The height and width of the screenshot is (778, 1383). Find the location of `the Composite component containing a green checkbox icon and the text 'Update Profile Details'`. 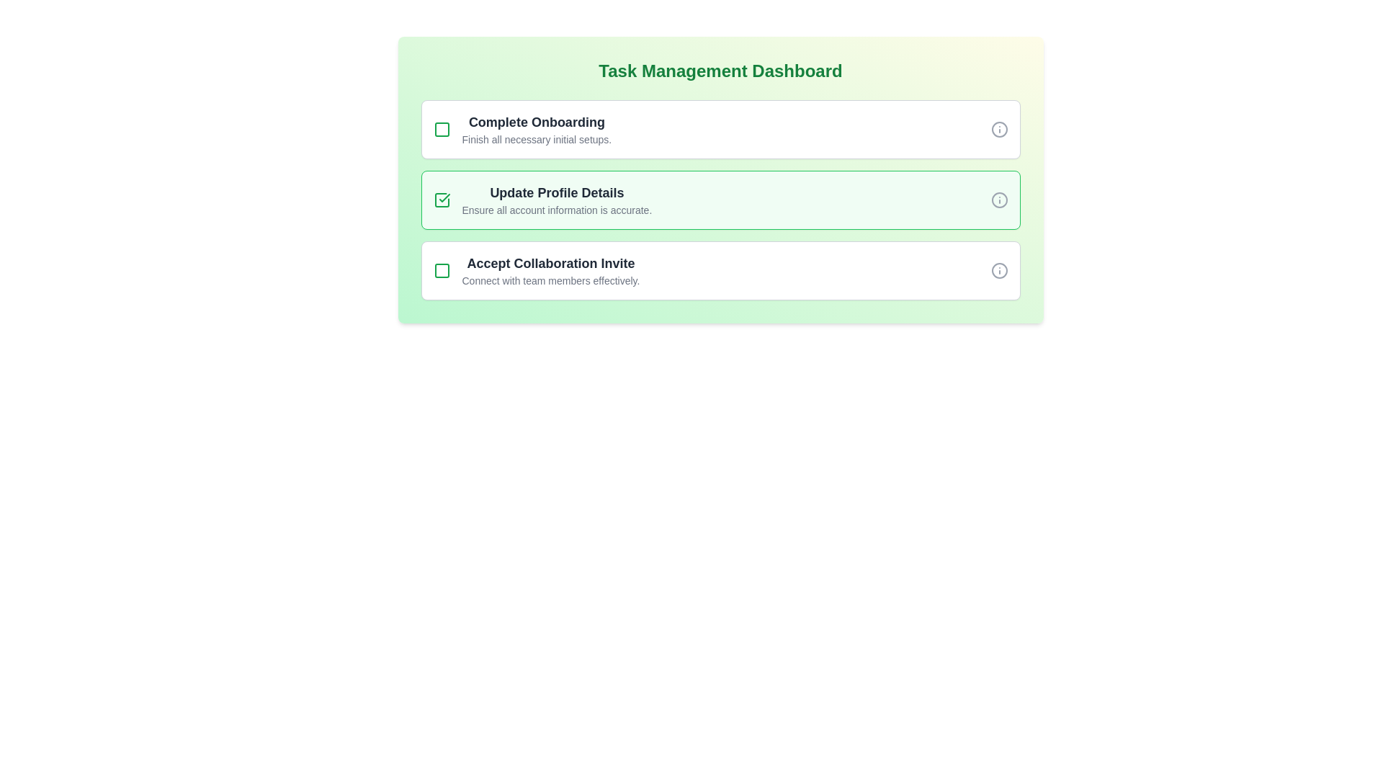

the Composite component containing a green checkbox icon and the text 'Update Profile Details' is located at coordinates (542, 200).